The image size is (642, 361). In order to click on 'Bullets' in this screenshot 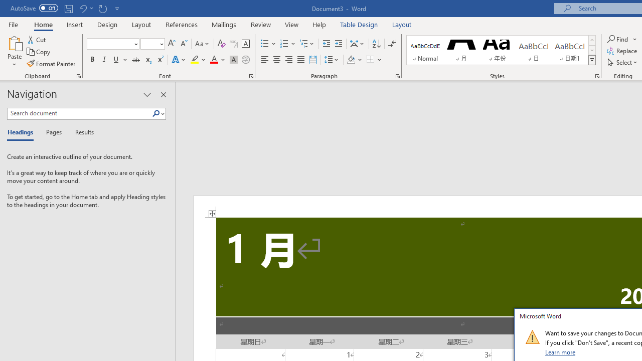, I will do `click(268, 43)`.